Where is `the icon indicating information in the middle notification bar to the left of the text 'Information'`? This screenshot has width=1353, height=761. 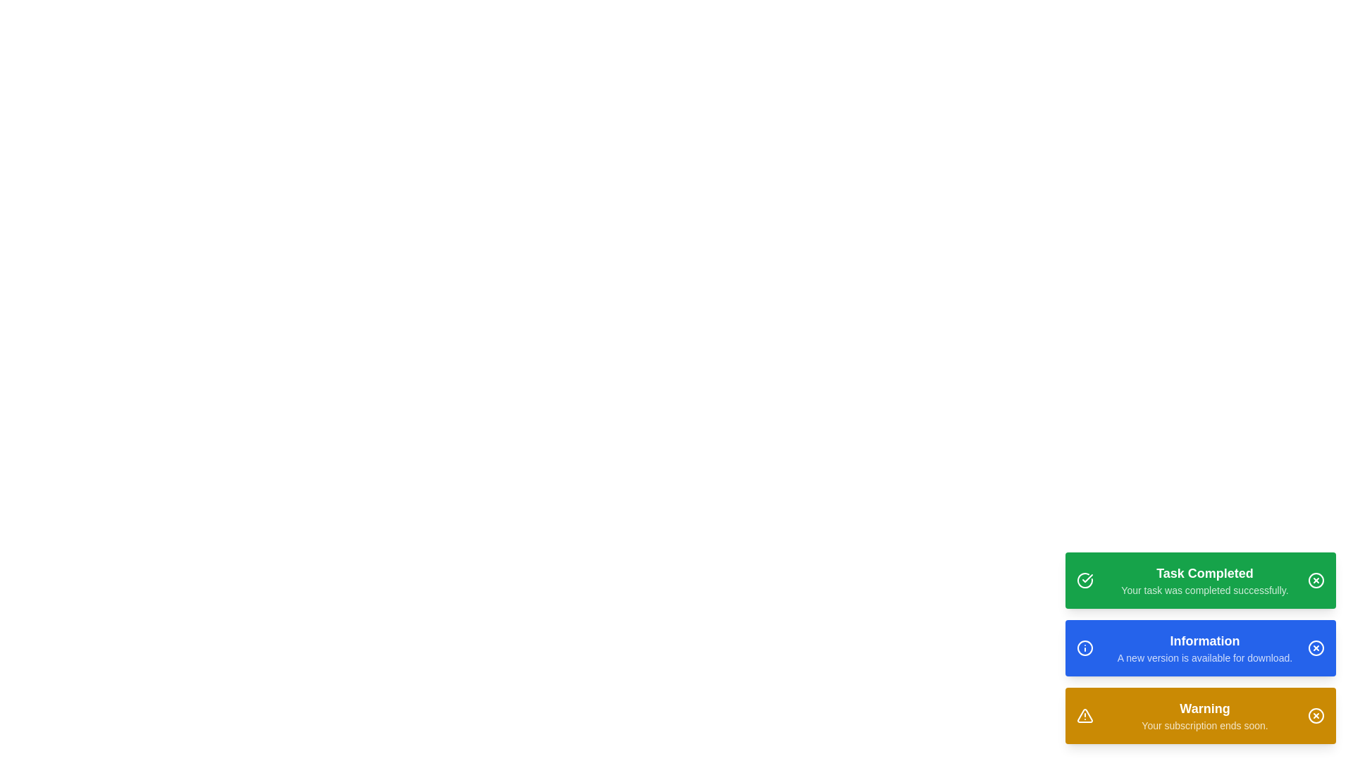
the icon indicating information in the middle notification bar to the left of the text 'Information' is located at coordinates (1085, 648).